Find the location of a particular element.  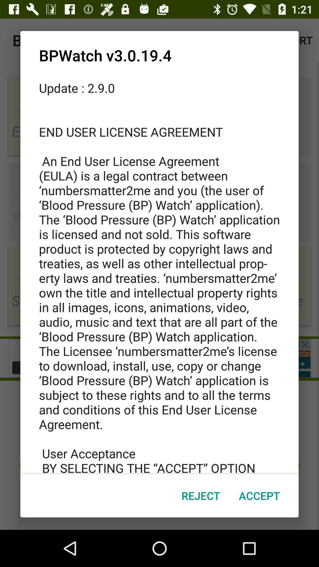

the icon at the bottom is located at coordinates (200, 496).